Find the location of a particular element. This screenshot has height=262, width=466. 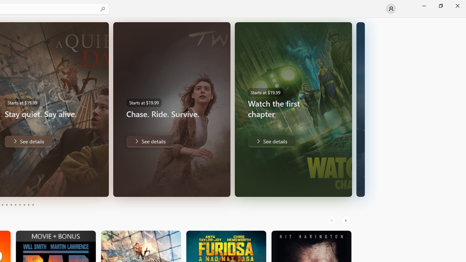

'Page 4' is located at coordinates (6, 205).